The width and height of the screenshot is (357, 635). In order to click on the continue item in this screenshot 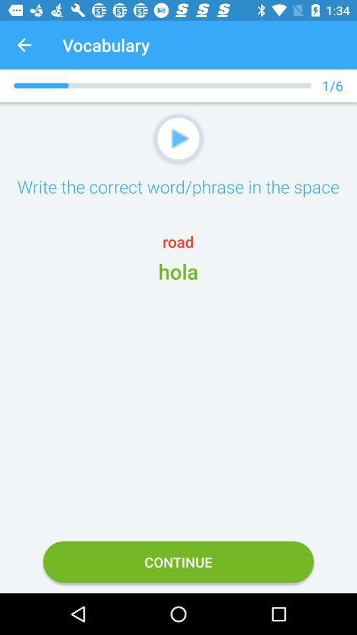, I will do `click(178, 561)`.